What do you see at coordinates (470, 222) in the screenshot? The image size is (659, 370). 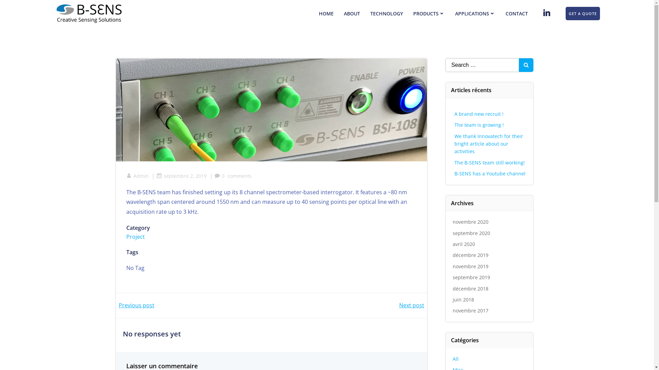 I see `'novembre 2020'` at bounding box center [470, 222].